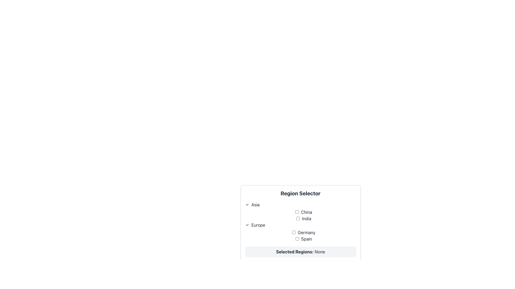  What do you see at coordinates (304, 239) in the screenshot?
I see `the label indicating the selection of the country 'Spain', which is positioned below the text 'Germany' within the 'Europe' region group` at bounding box center [304, 239].